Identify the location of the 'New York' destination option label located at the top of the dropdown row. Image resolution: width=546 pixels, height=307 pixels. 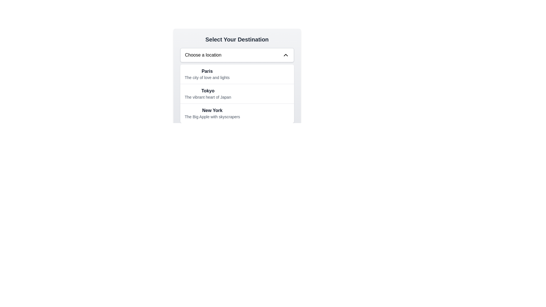
(212, 111).